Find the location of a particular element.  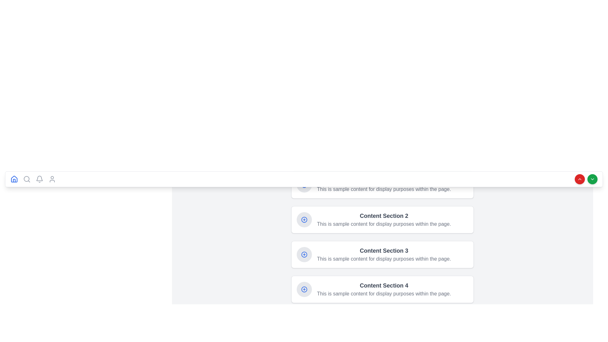

the button located to the far right of the interface, adjacent to a green circular button is located at coordinates (586, 179).